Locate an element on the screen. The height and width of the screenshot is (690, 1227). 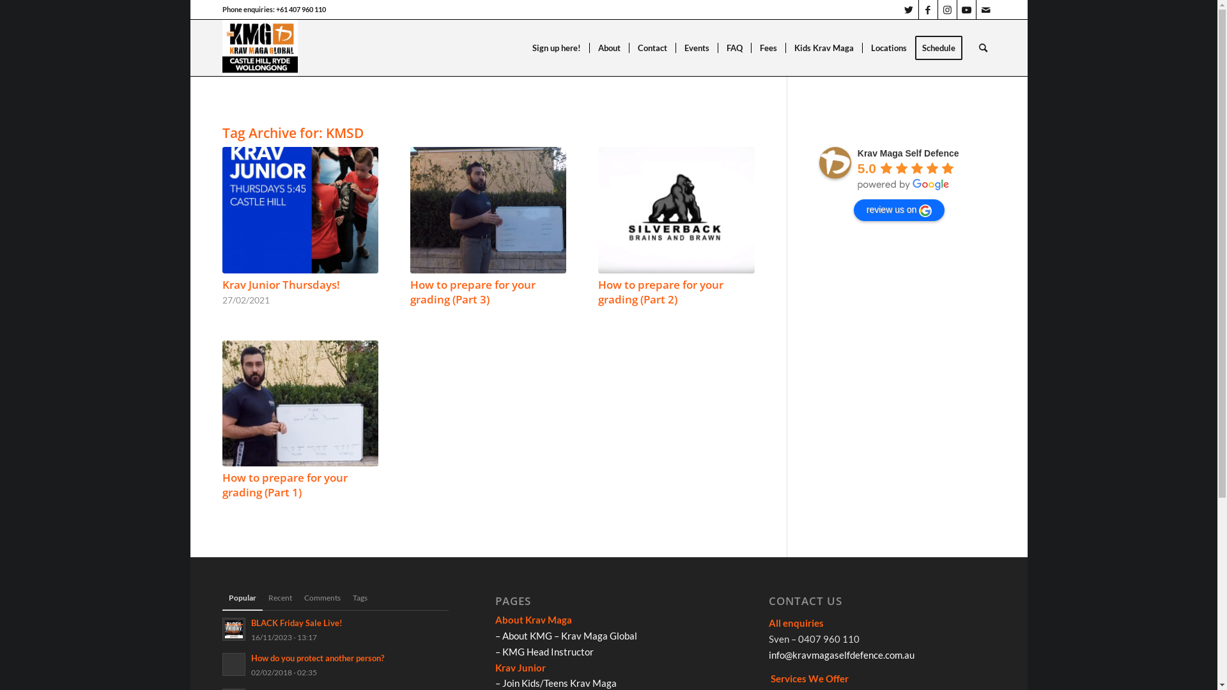
'powered by Google' is located at coordinates (903, 185).